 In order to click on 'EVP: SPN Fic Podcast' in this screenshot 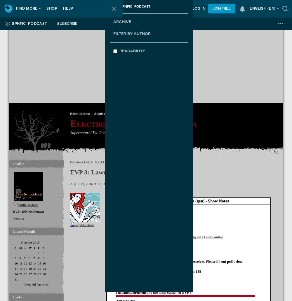, I will do `click(28, 211)`.